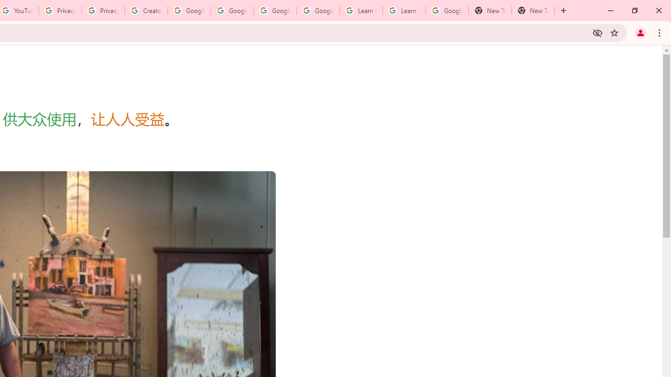  I want to click on 'New Tab', so click(533, 10).